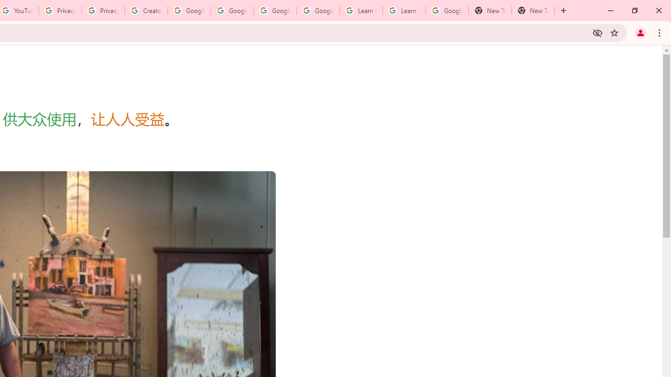  I want to click on 'New Tab', so click(533, 10).